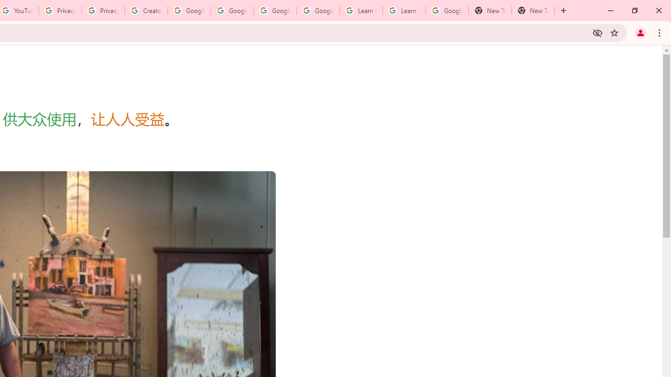  I want to click on 'New Tab', so click(533, 10).